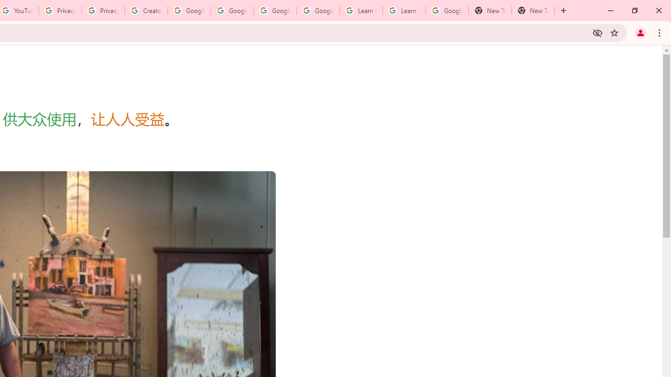  I want to click on 'New Tab', so click(533, 10).